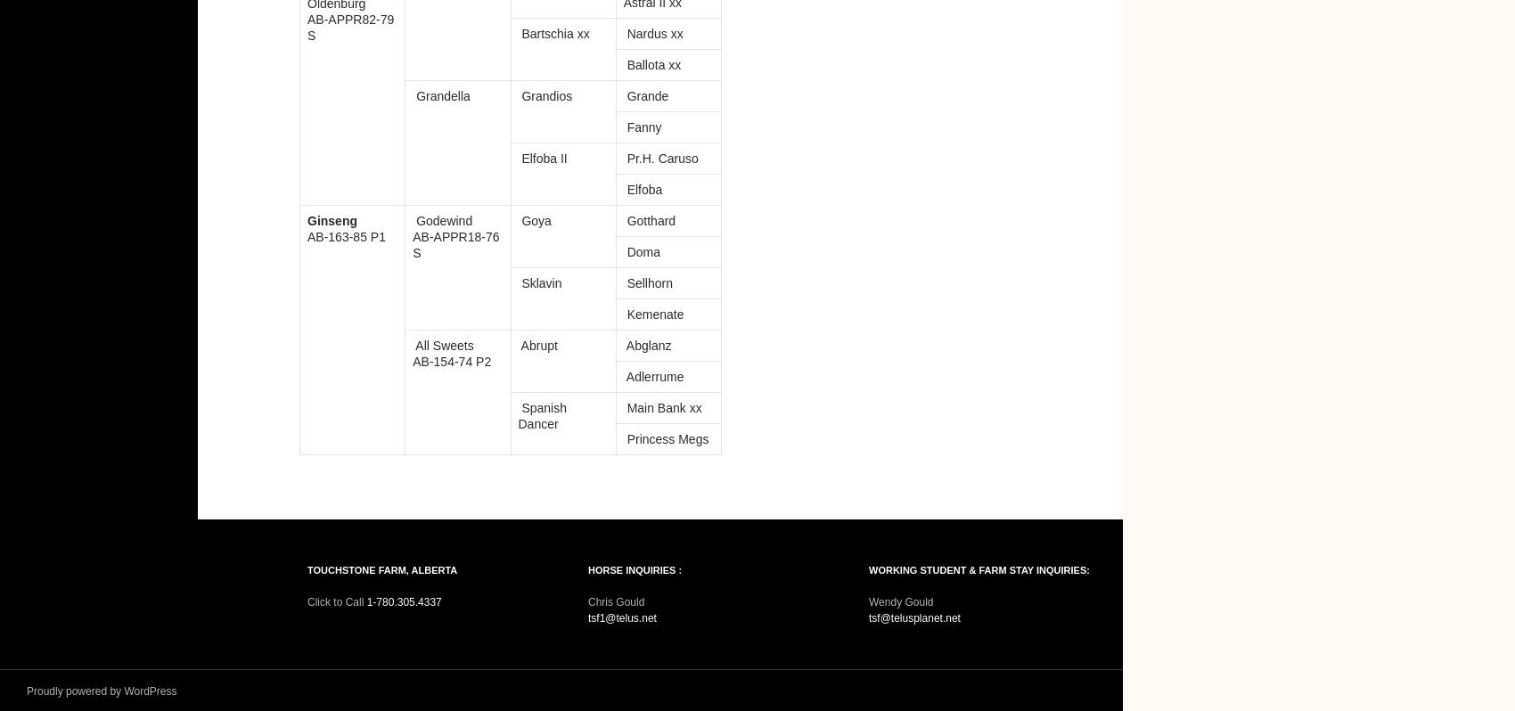  What do you see at coordinates (101, 691) in the screenshot?
I see `'Proudly powered by WordPress'` at bounding box center [101, 691].